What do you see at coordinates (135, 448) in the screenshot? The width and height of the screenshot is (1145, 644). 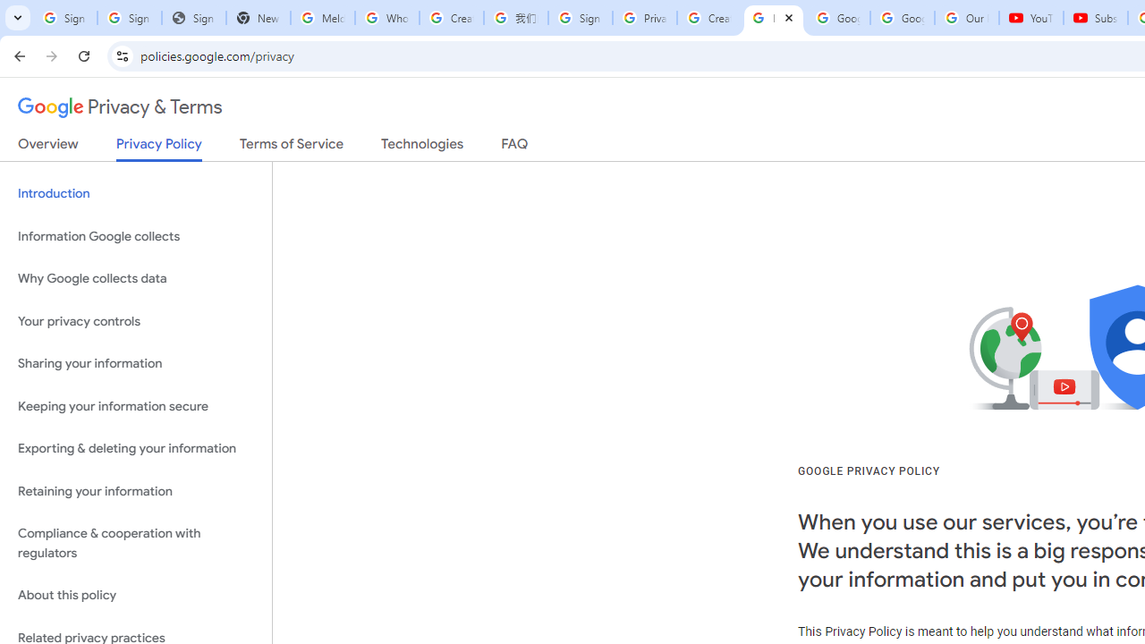 I see `'Exporting & deleting your information'` at bounding box center [135, 448].